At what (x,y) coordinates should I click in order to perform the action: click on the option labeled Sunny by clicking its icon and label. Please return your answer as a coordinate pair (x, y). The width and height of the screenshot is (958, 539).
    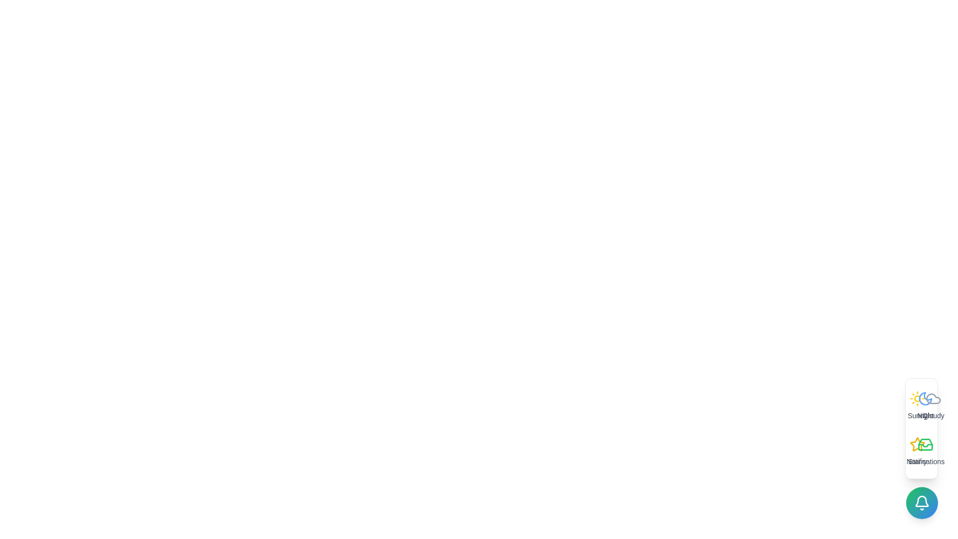
    Looking at the image, I should click on (917, 406).